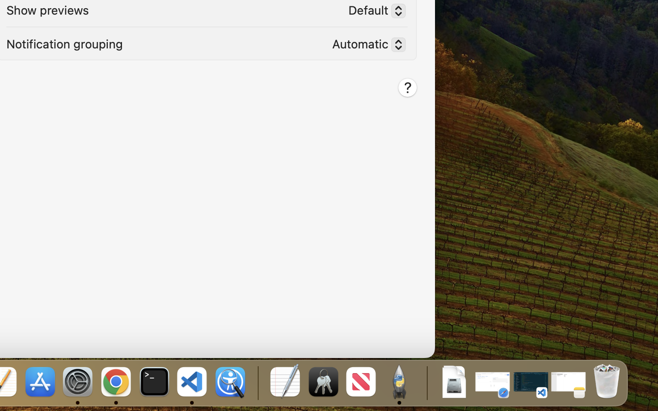  Describe the element at coordinates (257, 382) in the screenshot. I see `'0.4285714328289032'` at that location.